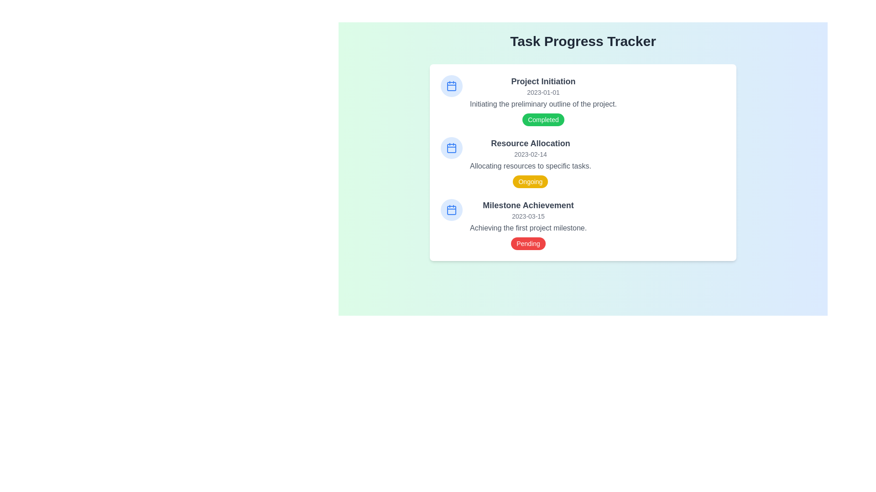  I want to click on the label indicating the start date of the 'Project Initiation' task, positioned directly below the title and above the description text, so click(543, 92).